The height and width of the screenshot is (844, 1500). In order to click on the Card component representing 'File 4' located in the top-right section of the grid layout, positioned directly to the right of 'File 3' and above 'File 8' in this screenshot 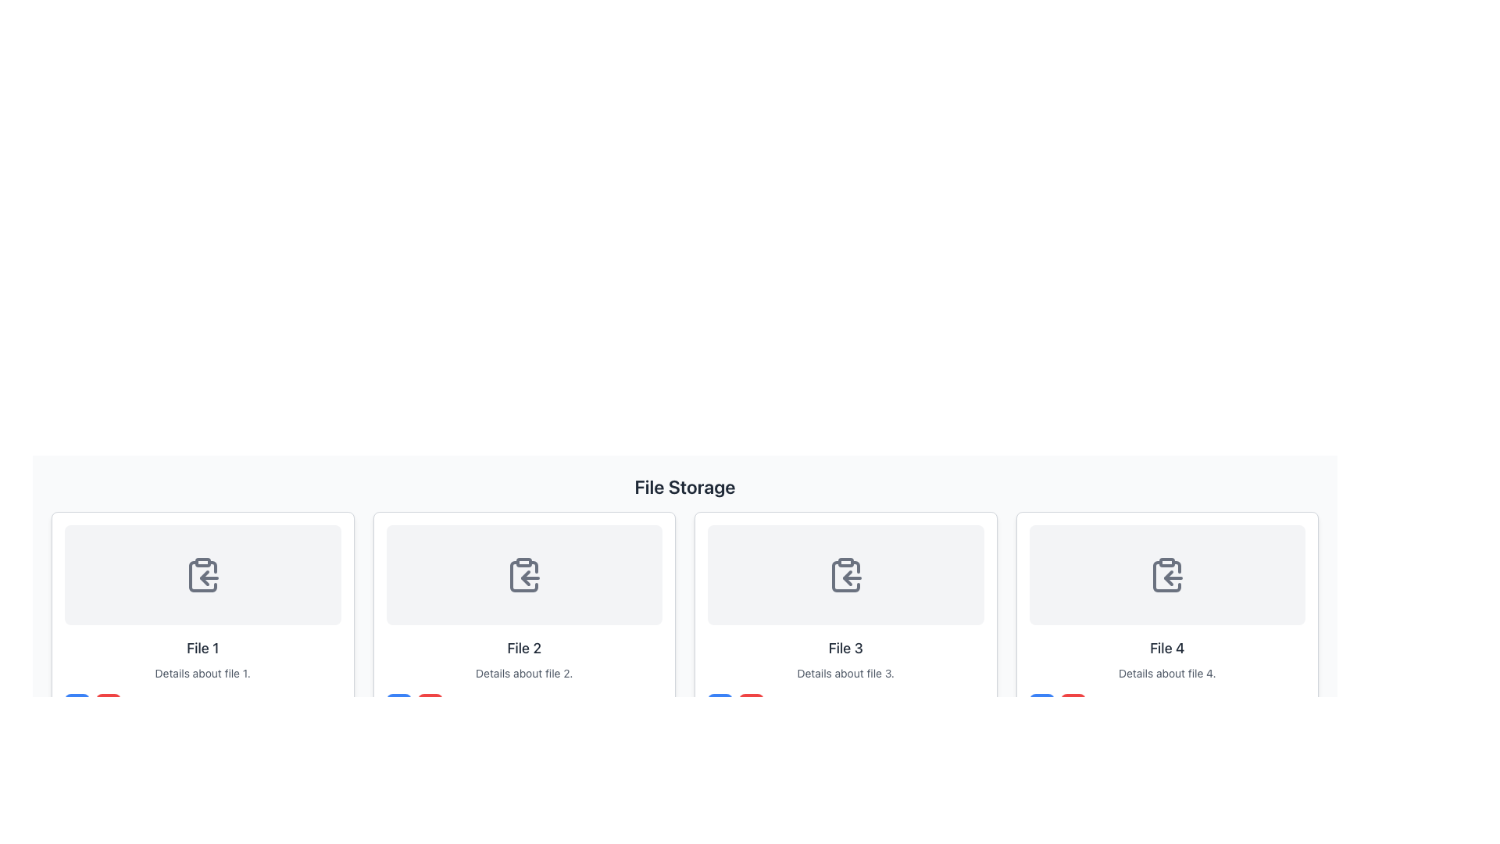, I will do `click(1167, 620)`.